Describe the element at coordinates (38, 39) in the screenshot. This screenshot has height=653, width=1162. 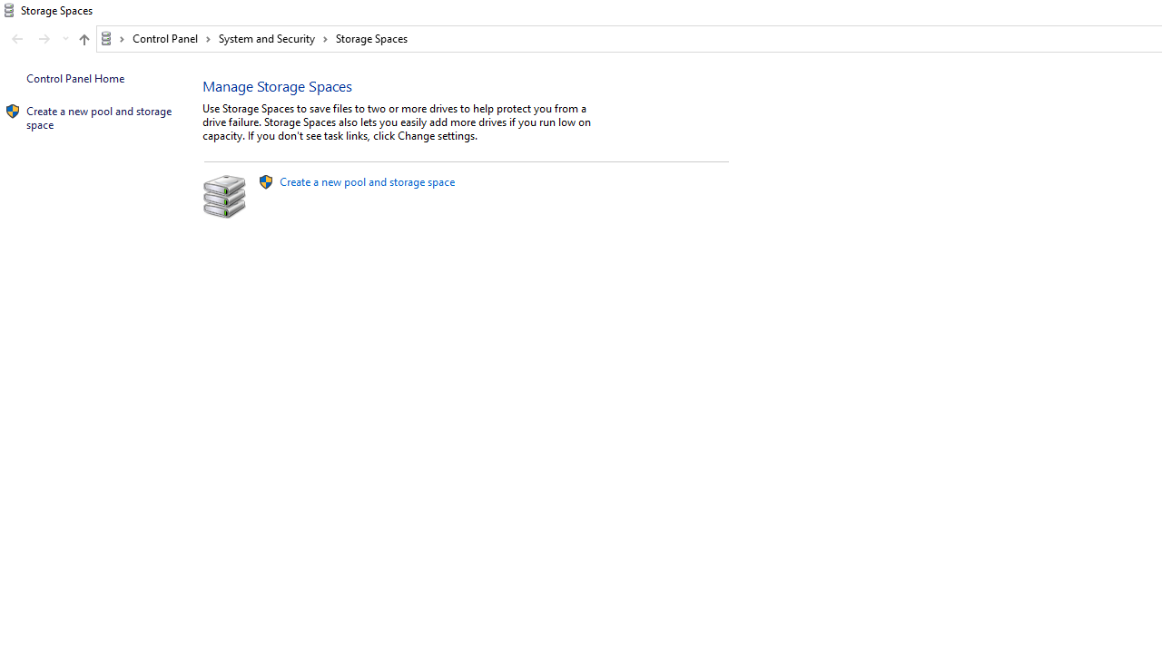
I see `'Navigation buttons'` at that location.